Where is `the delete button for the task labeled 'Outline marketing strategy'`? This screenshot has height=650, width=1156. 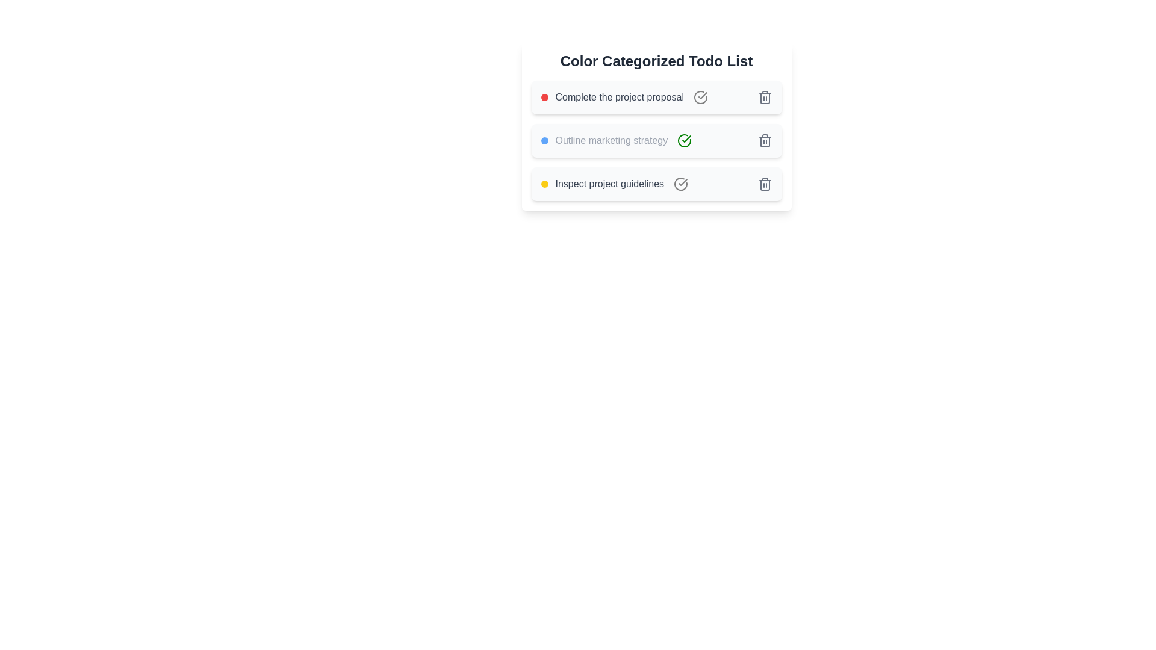 the delete button for the task labeled 'Outline marketing strategy' is located at coordinates (764, 140).